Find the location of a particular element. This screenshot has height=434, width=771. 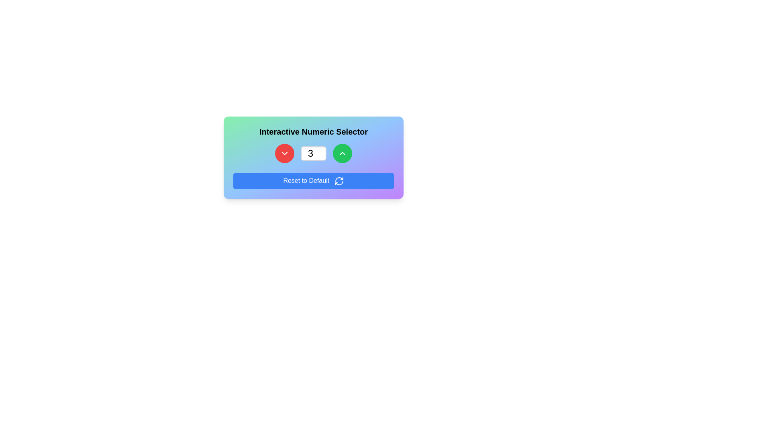

the refresh icon, which is a circular arrow design located to the right of the 'Reset to Default' button label, distinguished by its blue background is located at coordinates (339, 181).